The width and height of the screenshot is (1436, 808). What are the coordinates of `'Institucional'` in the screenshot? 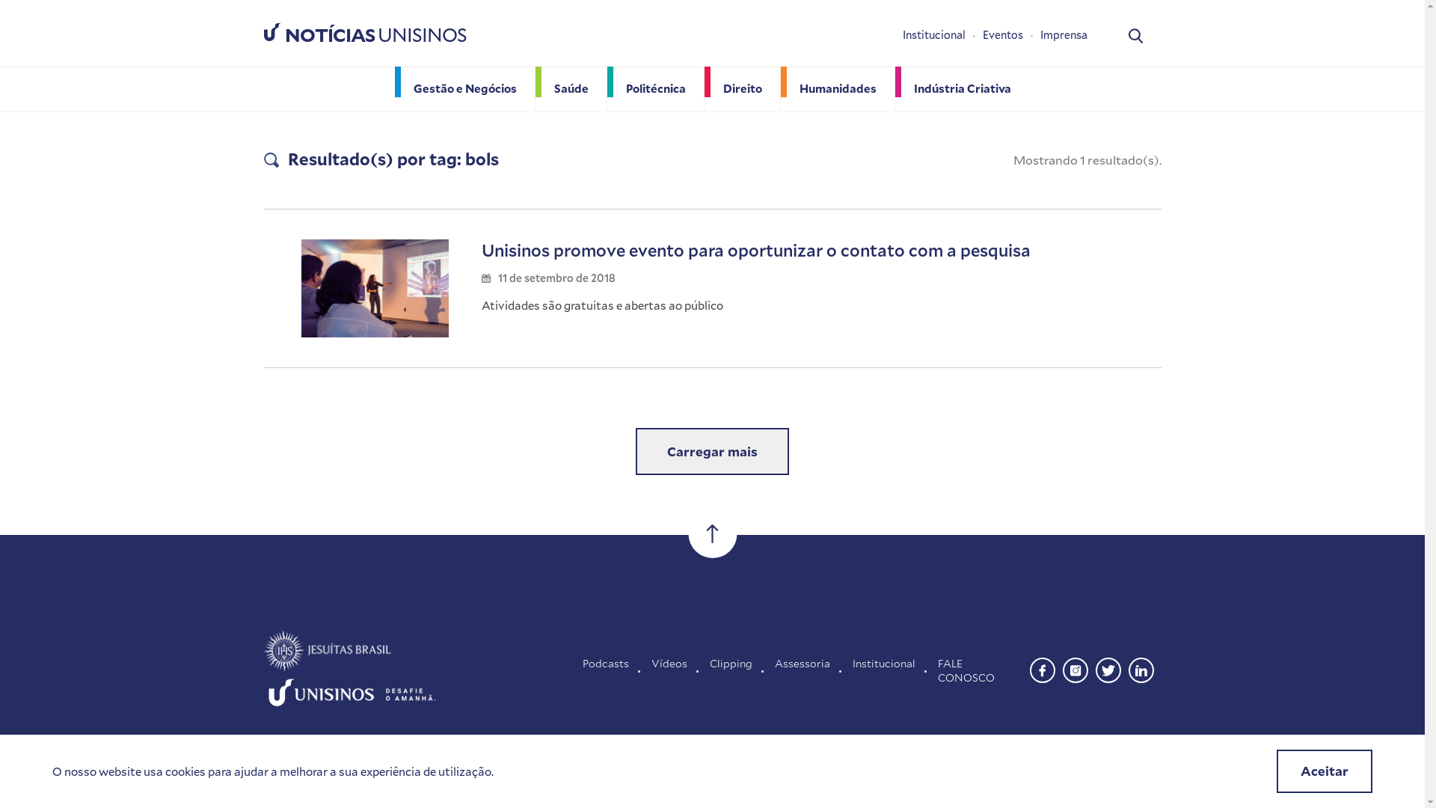 It's located at (941, 34).